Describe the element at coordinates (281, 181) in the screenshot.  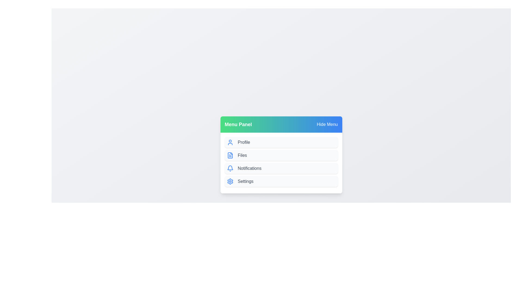
I see `the menu item Settings` at that location.